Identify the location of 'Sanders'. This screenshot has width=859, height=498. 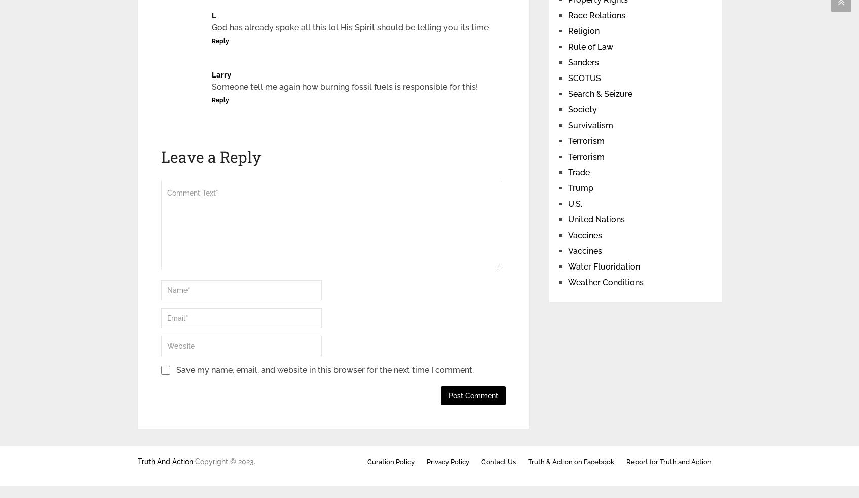
(582, 62).